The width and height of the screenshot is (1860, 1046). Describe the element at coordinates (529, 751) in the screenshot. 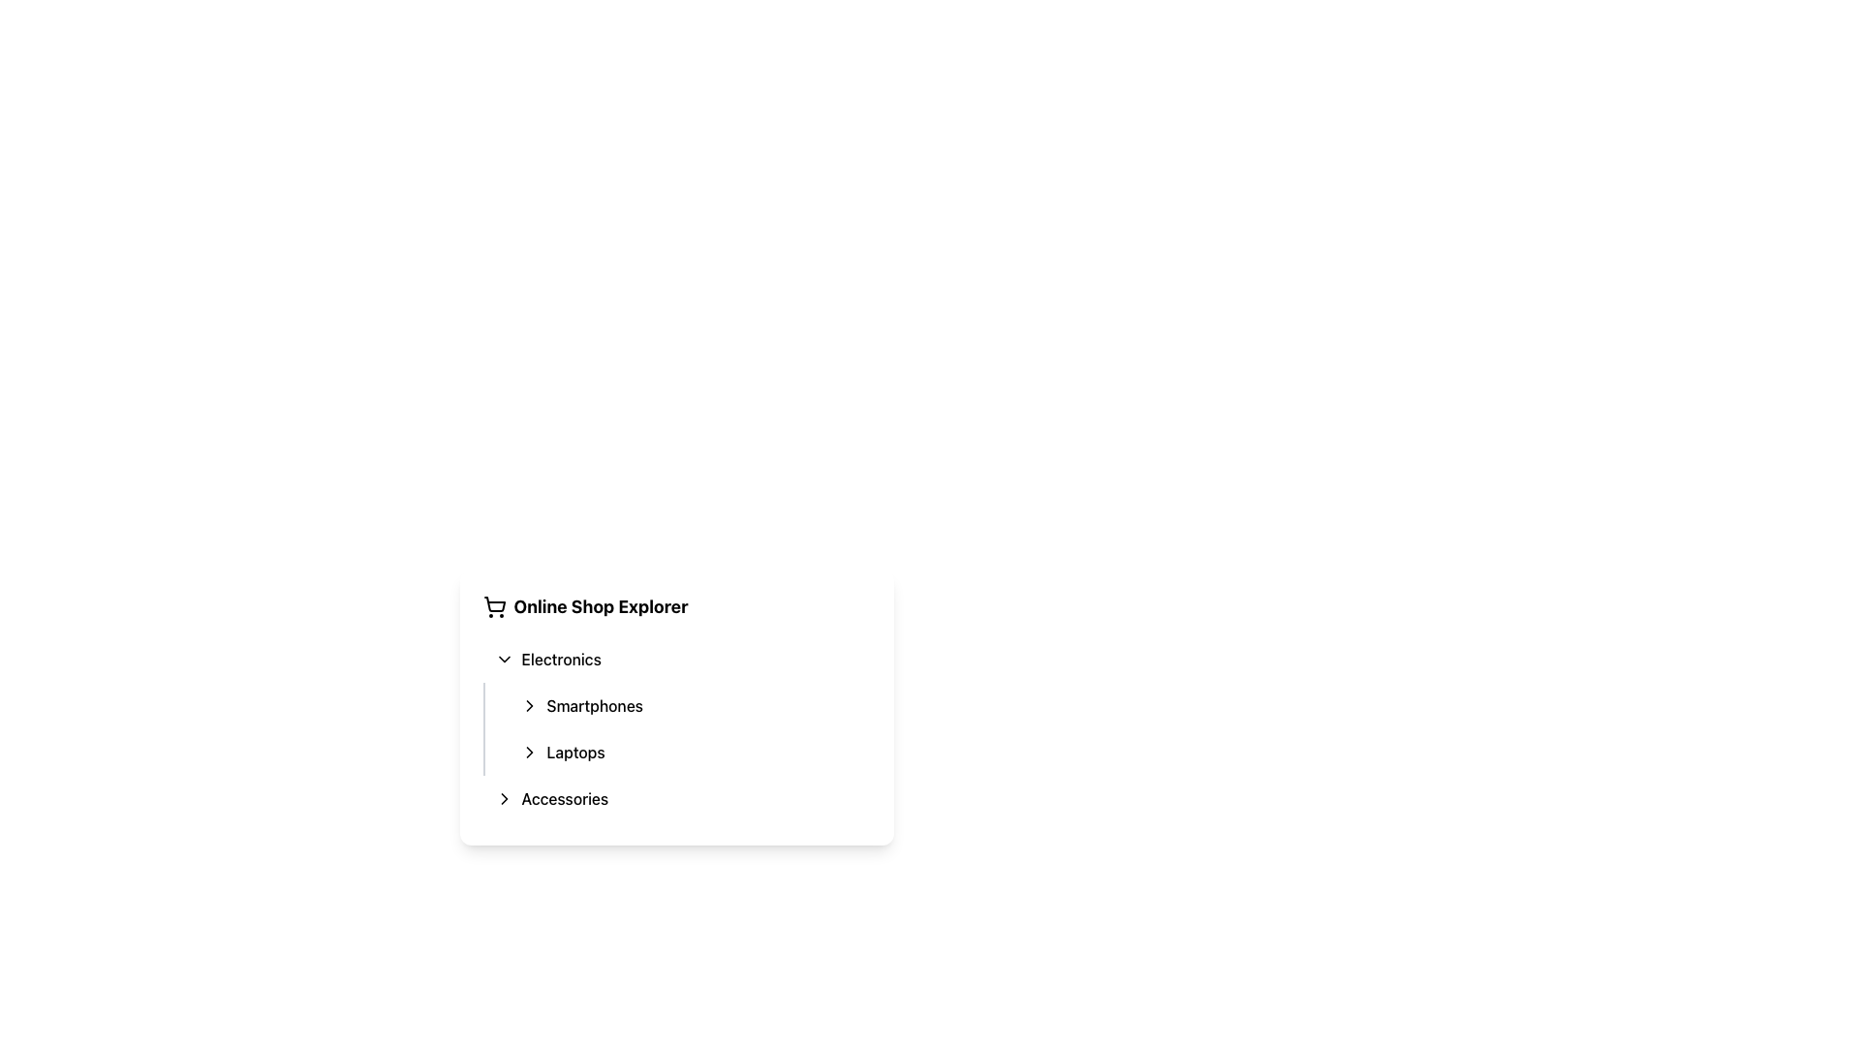

I see `the Chevron icon located to the left of the 'Laptops' text` at that location.